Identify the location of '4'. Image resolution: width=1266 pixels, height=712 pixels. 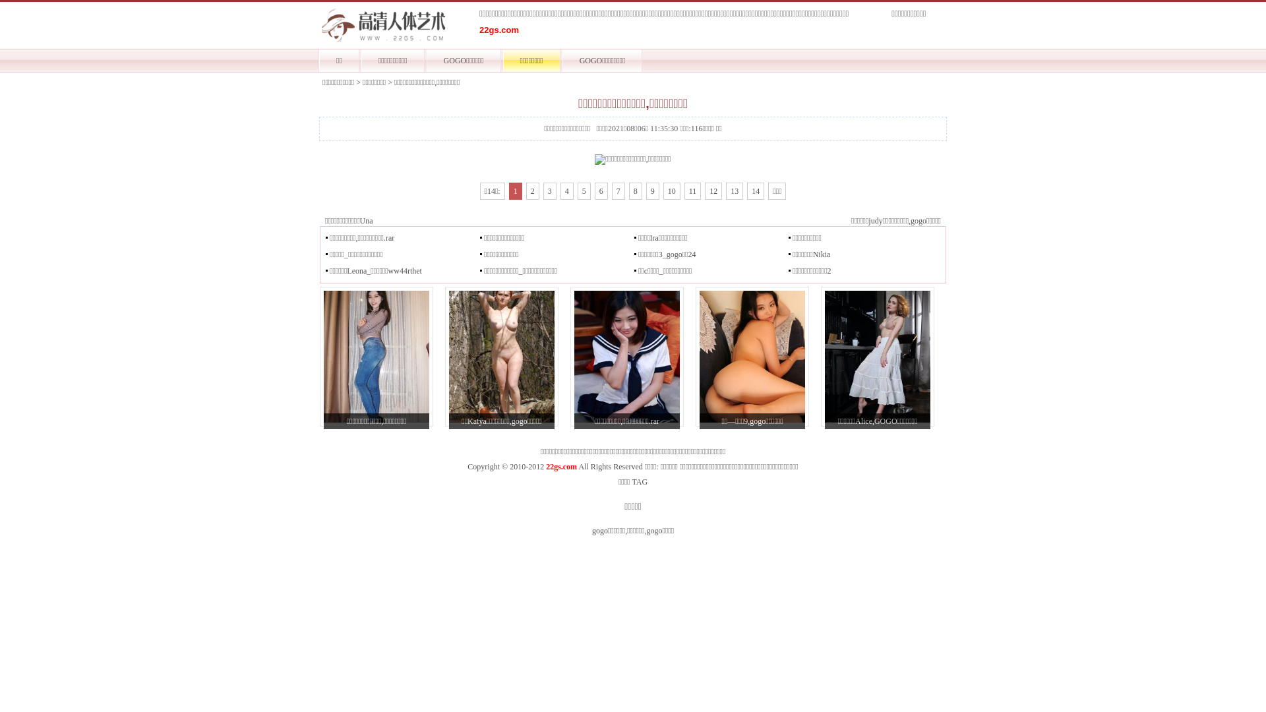
(566, 191).